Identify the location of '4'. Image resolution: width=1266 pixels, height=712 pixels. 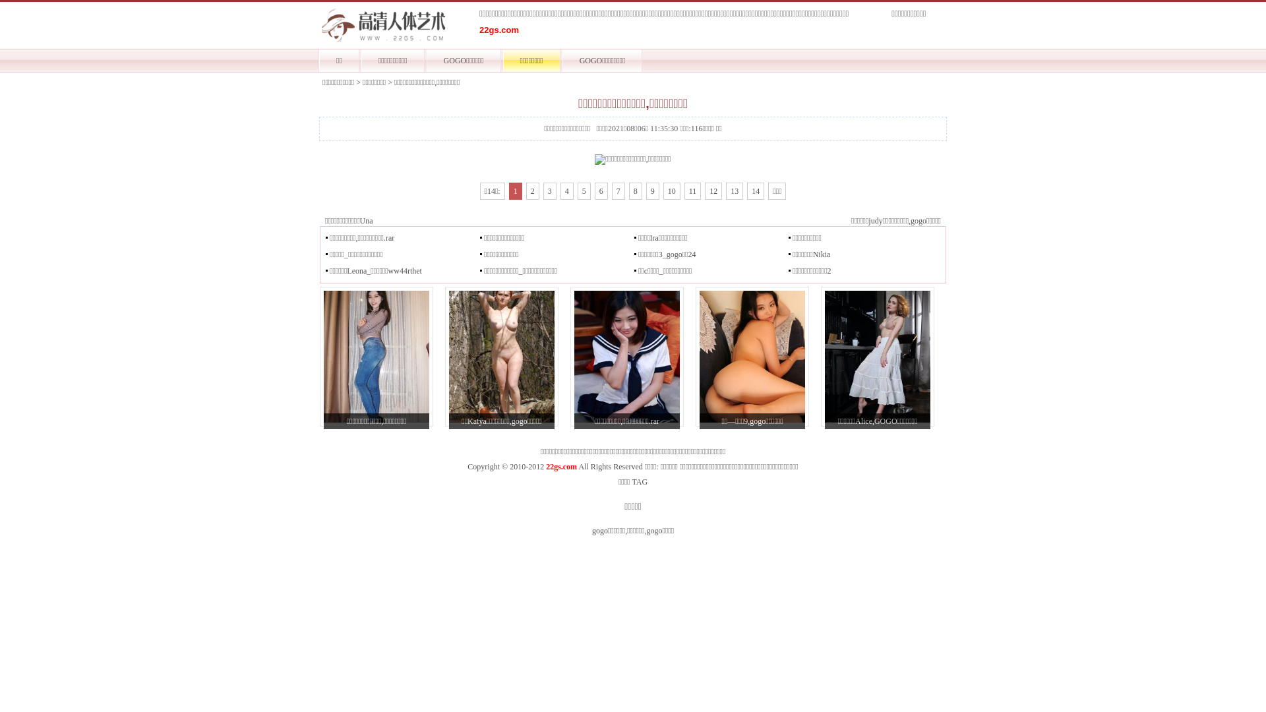
(566, 191).